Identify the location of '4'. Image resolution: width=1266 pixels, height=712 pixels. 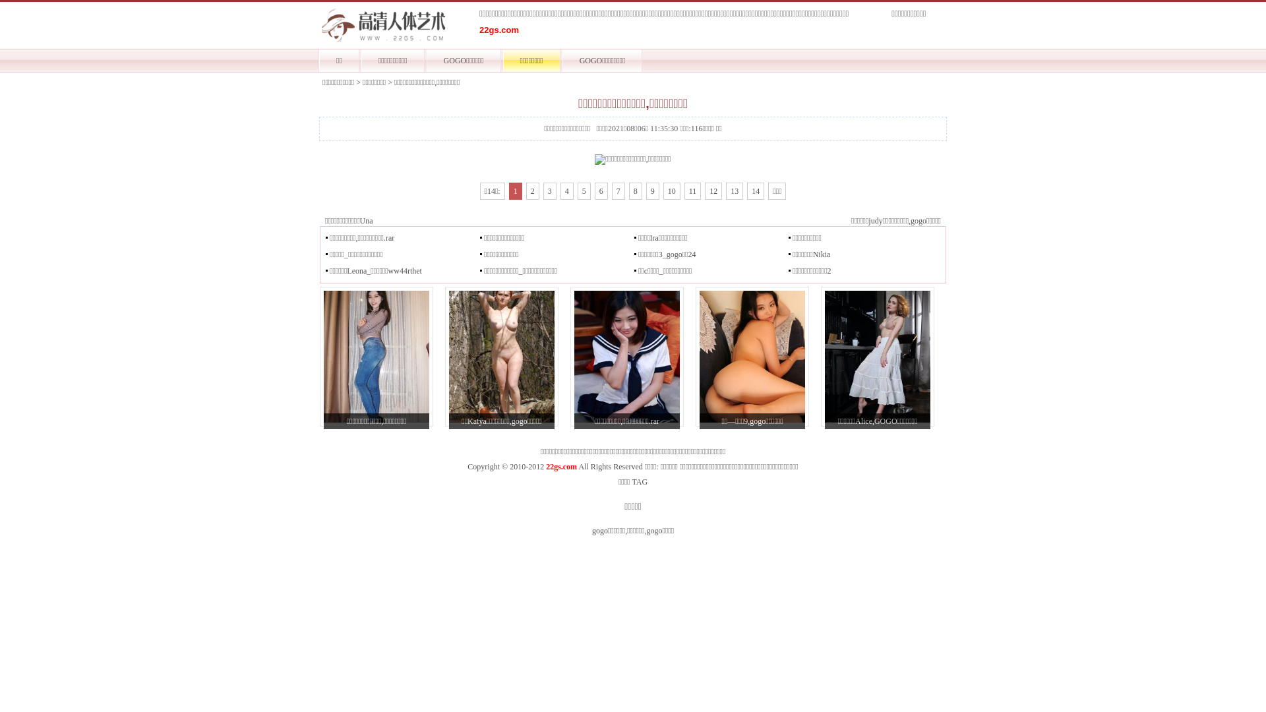
(566, 191).